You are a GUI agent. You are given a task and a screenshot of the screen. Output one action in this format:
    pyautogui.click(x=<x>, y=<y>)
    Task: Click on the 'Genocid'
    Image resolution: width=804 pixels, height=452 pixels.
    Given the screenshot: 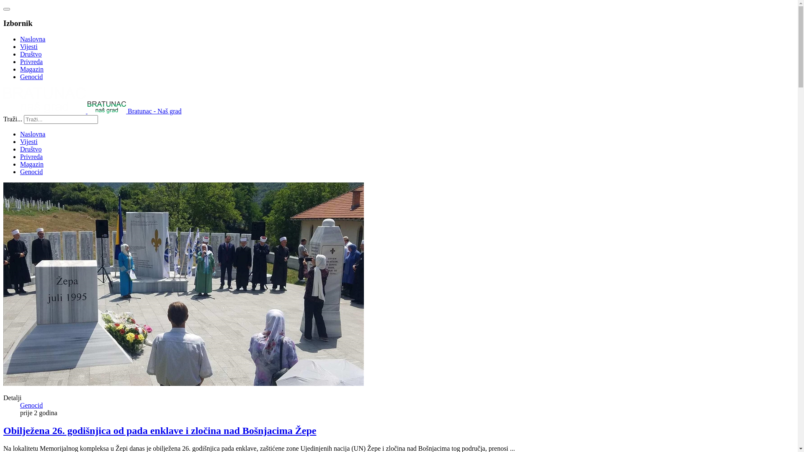 What is the action you would take?
    pyautogui.click(x=31, y=405)
    